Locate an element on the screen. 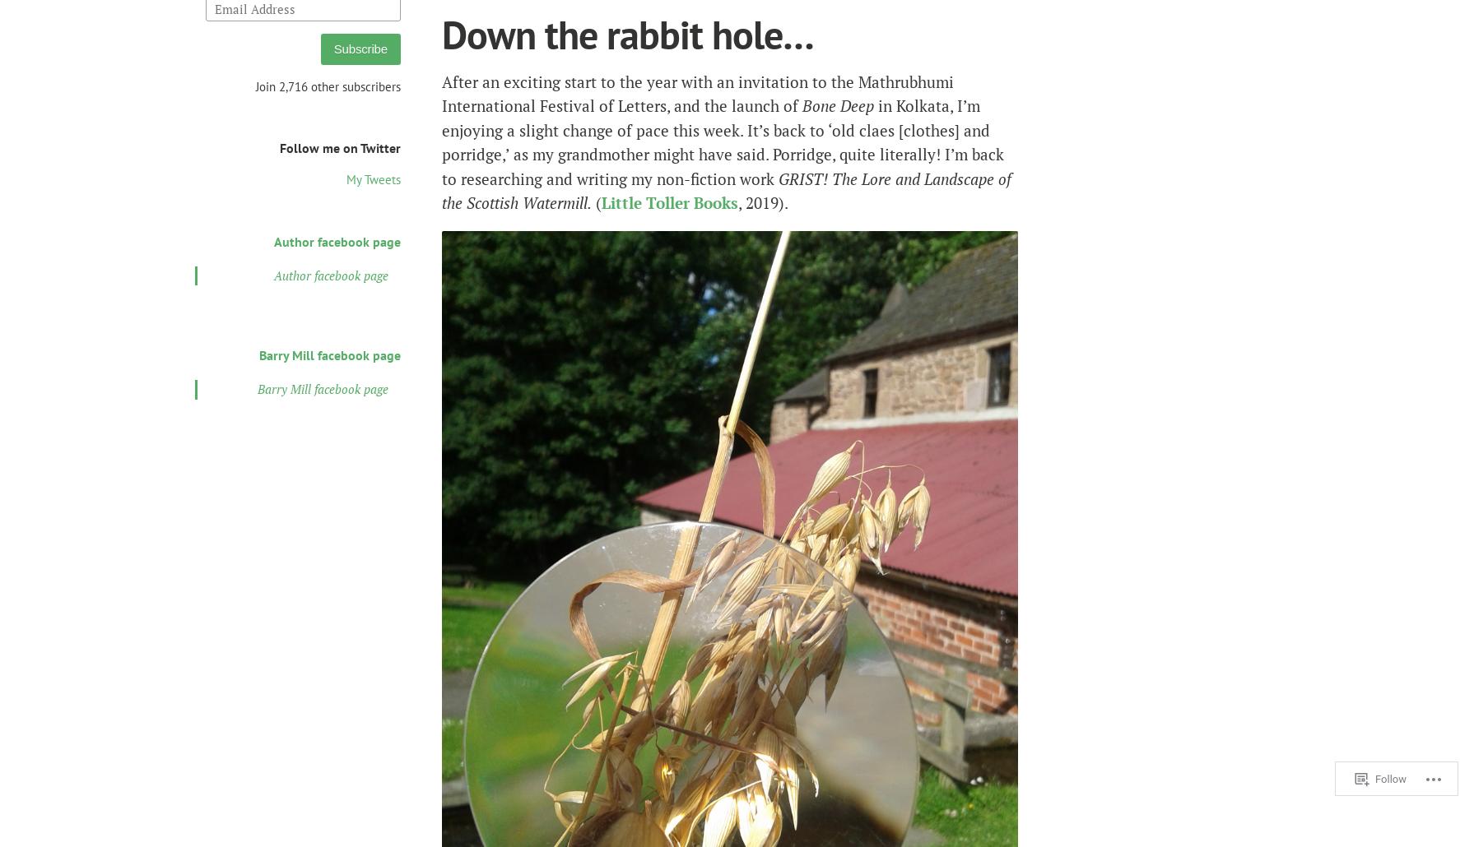 Image resolution: width=1460 pixels, height=847 pixels. 'Follow' is located at coordinates (1393, 775).